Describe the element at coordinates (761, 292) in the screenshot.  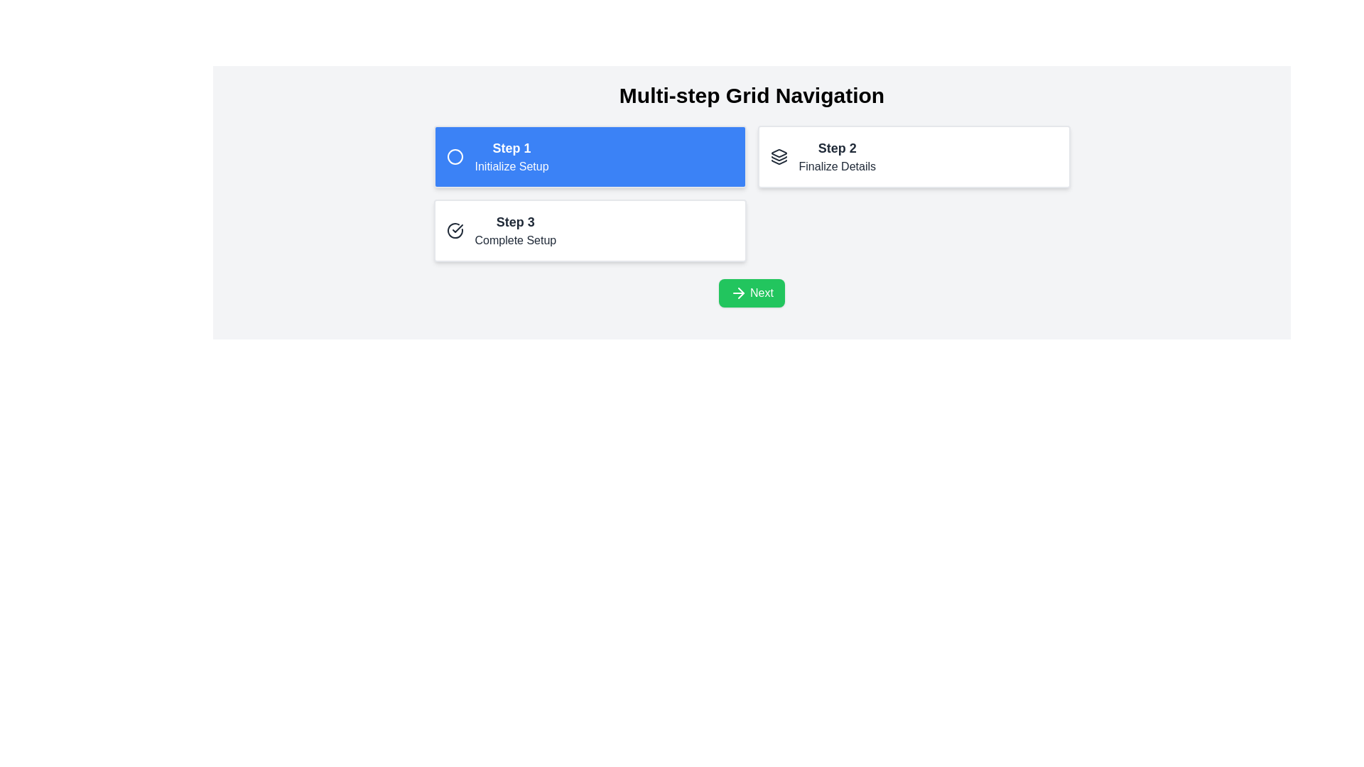
I see `the 'Next' text label embedded within the green navigation button, which is positioned below the content section and follows three graphical elements resembling an arrow icon` at that location.